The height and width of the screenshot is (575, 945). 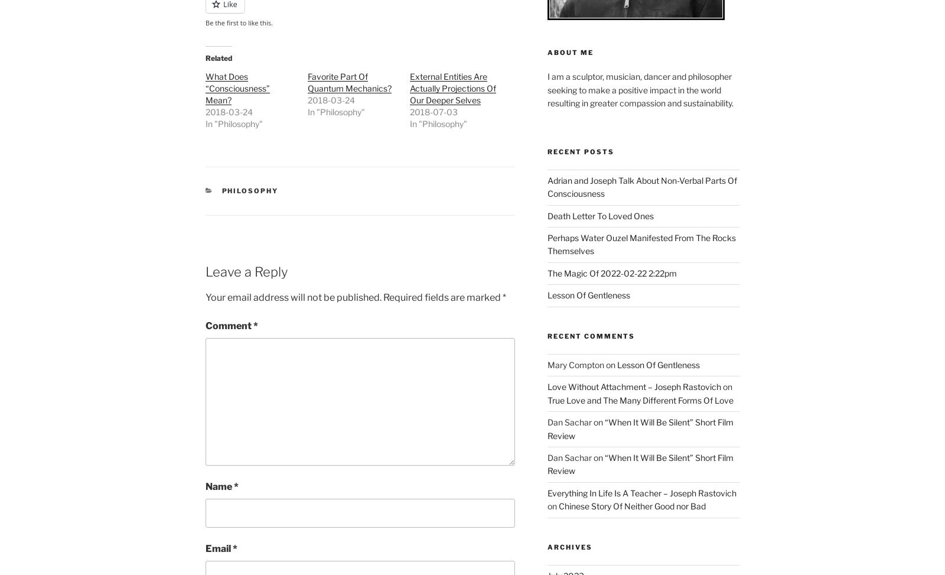 I want to click on 'Mary Compton', so click(x=575, y=365).